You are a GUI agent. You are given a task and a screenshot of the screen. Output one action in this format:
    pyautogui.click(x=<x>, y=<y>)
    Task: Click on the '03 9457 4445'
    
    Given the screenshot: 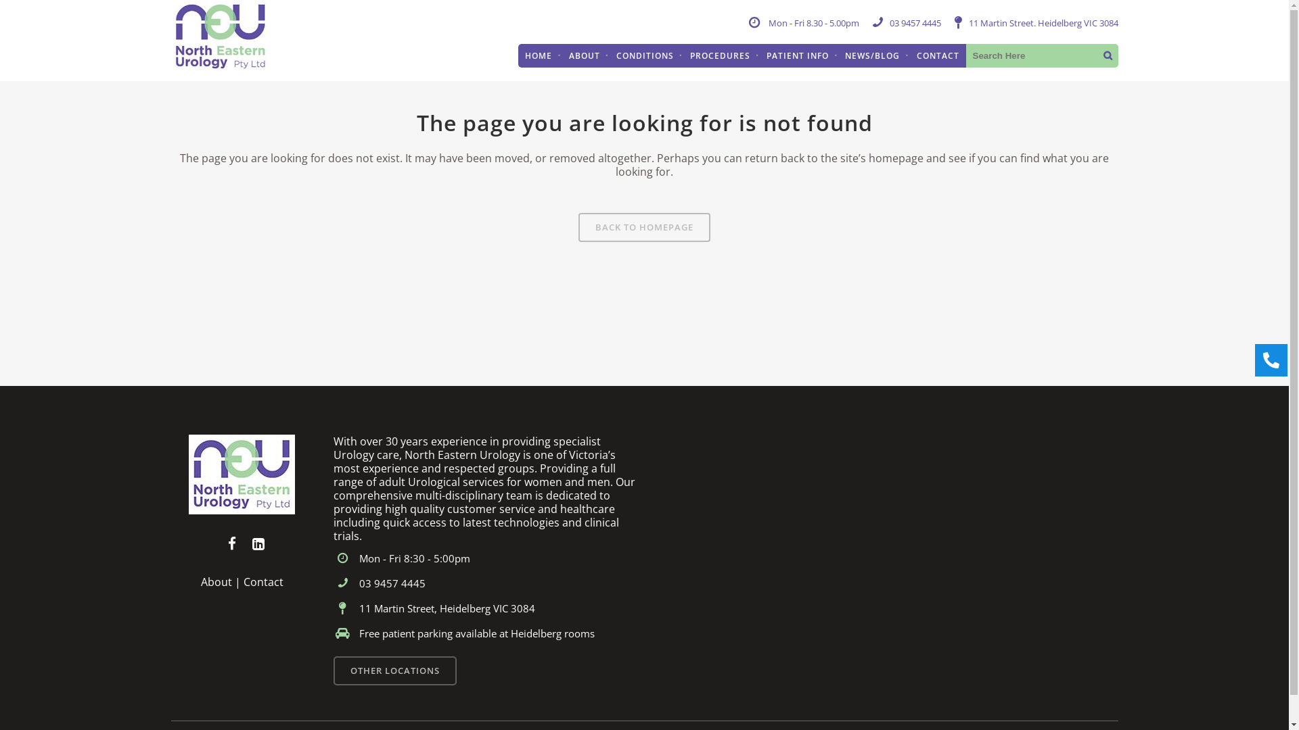 What is the action you would take?
    pyautogui.click(x=915, y=23)
    